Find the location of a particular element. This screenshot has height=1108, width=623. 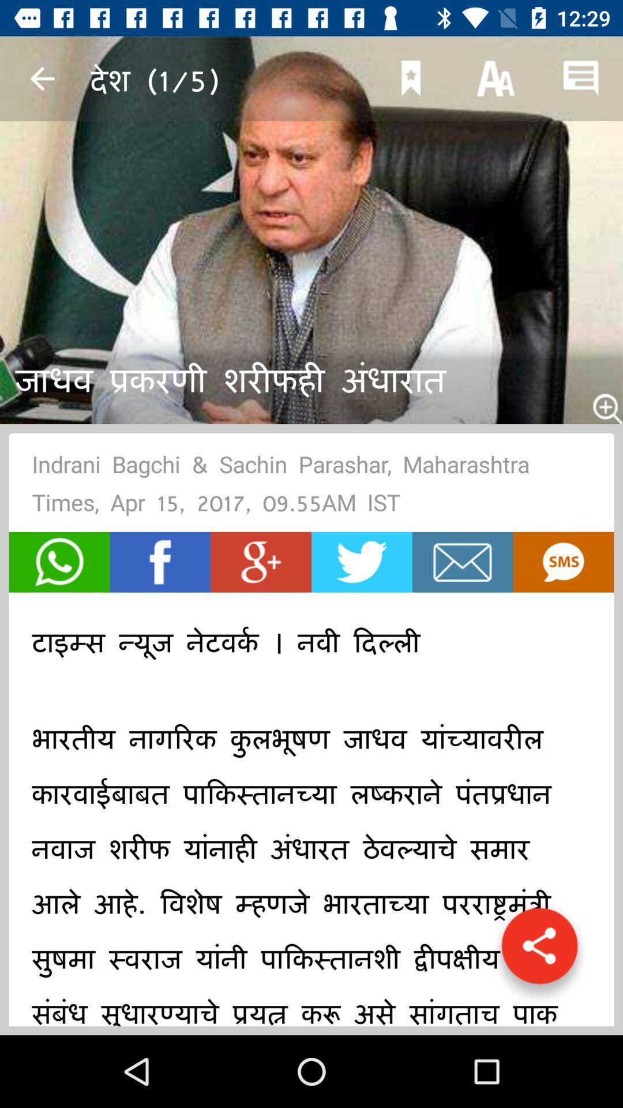

get direct link button is located at coordinates (539, 952).